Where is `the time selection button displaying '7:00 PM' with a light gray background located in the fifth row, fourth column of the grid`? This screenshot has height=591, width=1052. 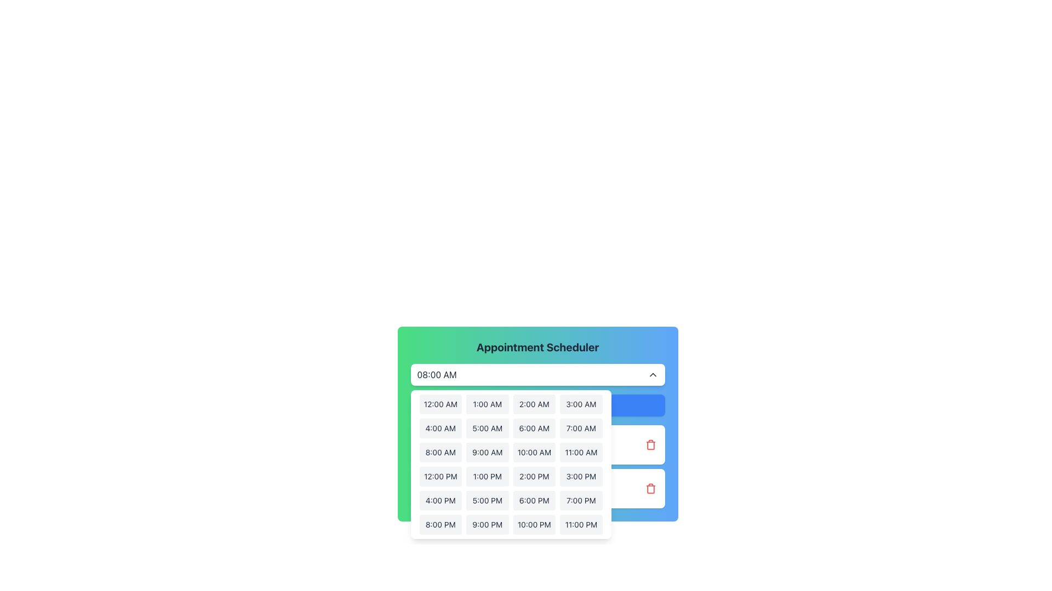 the time selection button displaying '7:00 PM' with a light gray background located in the fifth row, fourth column of the grid is located at coordinates (580, 500).